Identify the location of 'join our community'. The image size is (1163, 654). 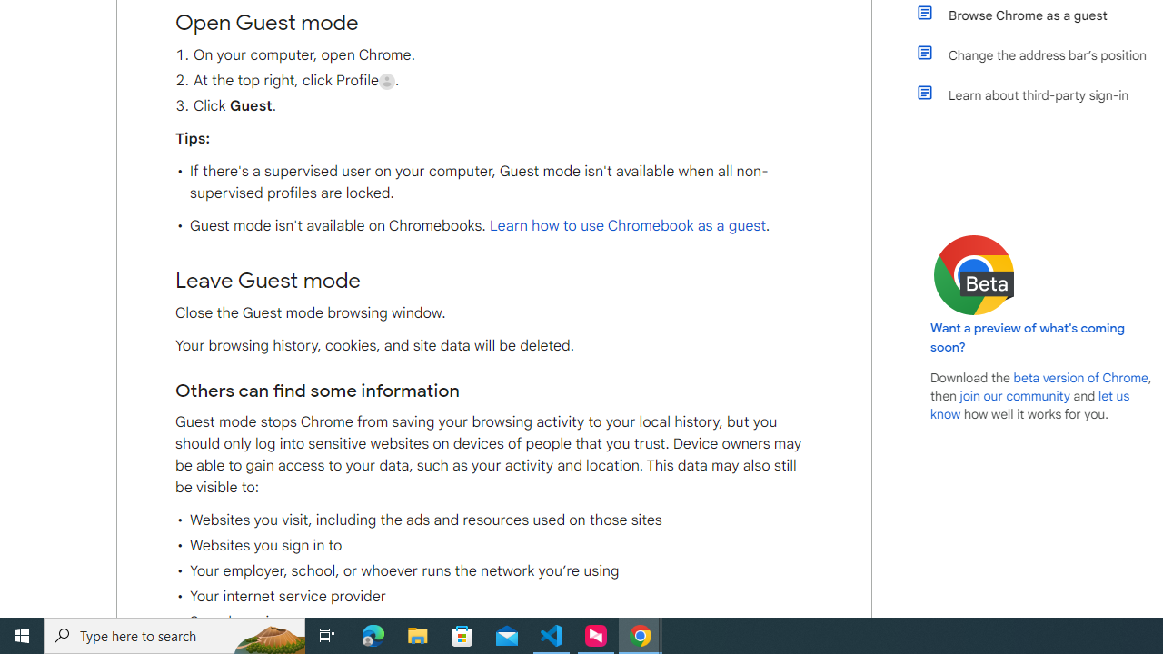
(1013, 394).